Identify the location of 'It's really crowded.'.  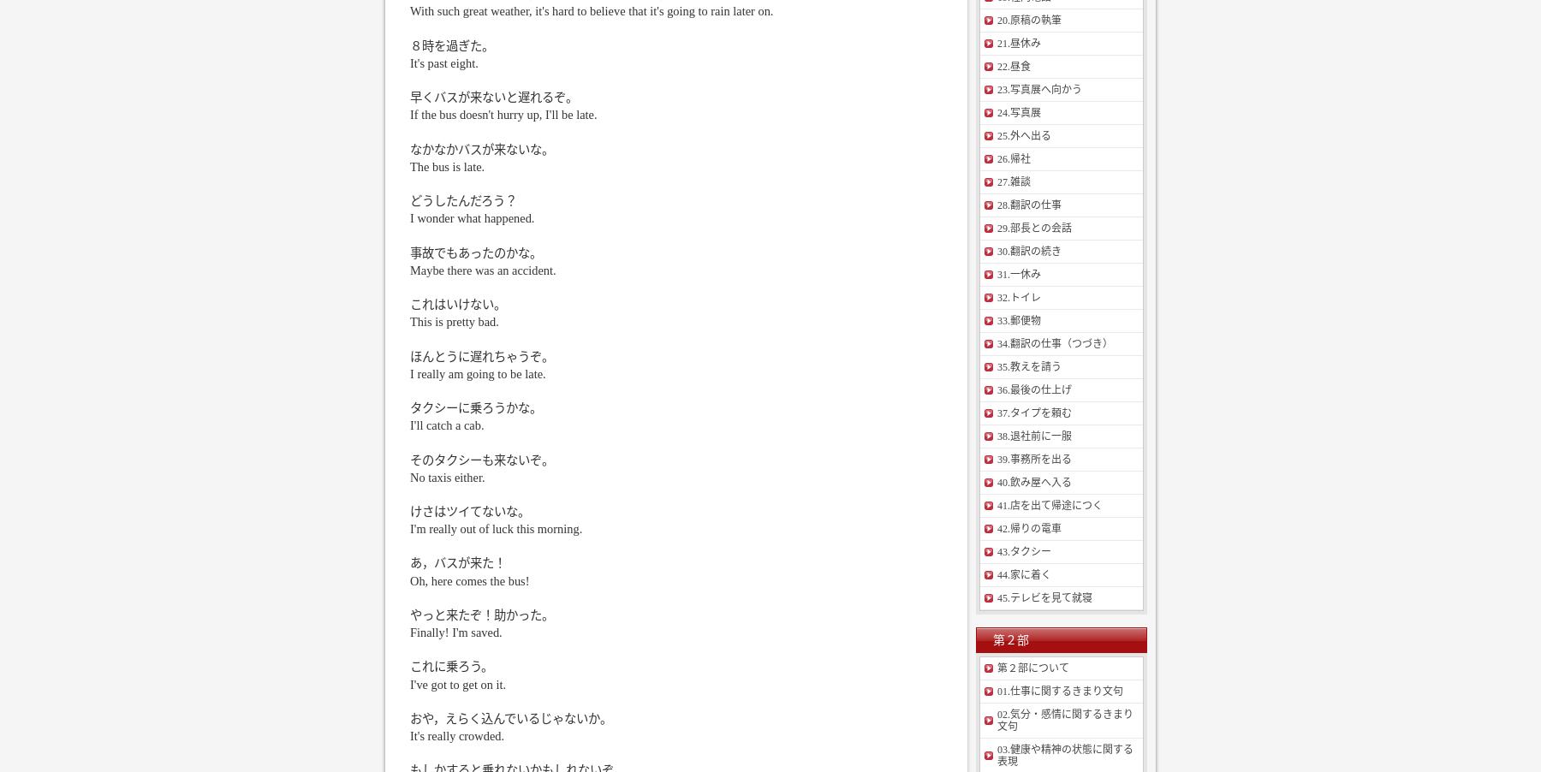
(456, 735).